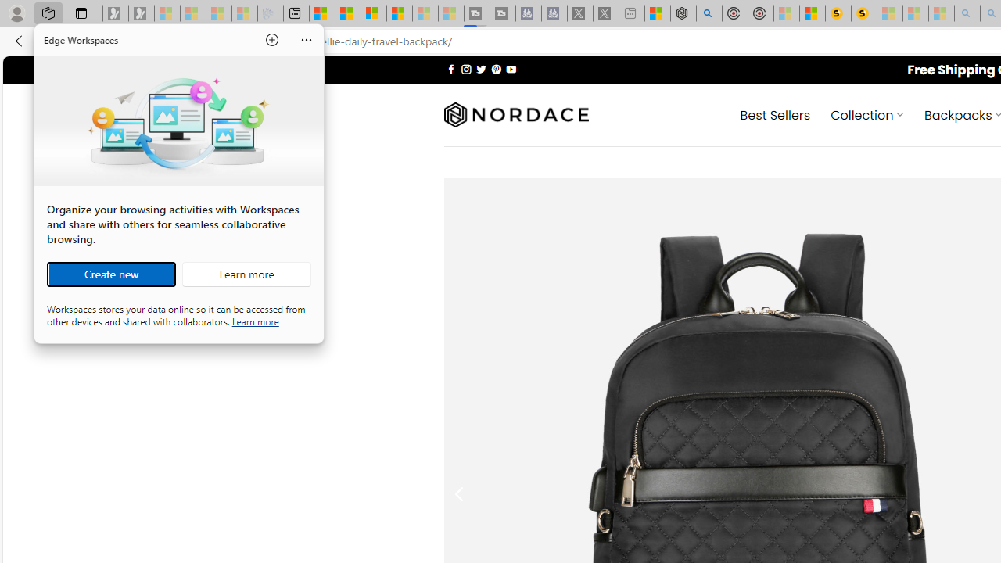 The height and width of the screenshot is (563, 1001). What do you see at coordinates (511, 68) in the screenshot?
I see `'Follow on YouTube'` at bounding box center [511, 68].